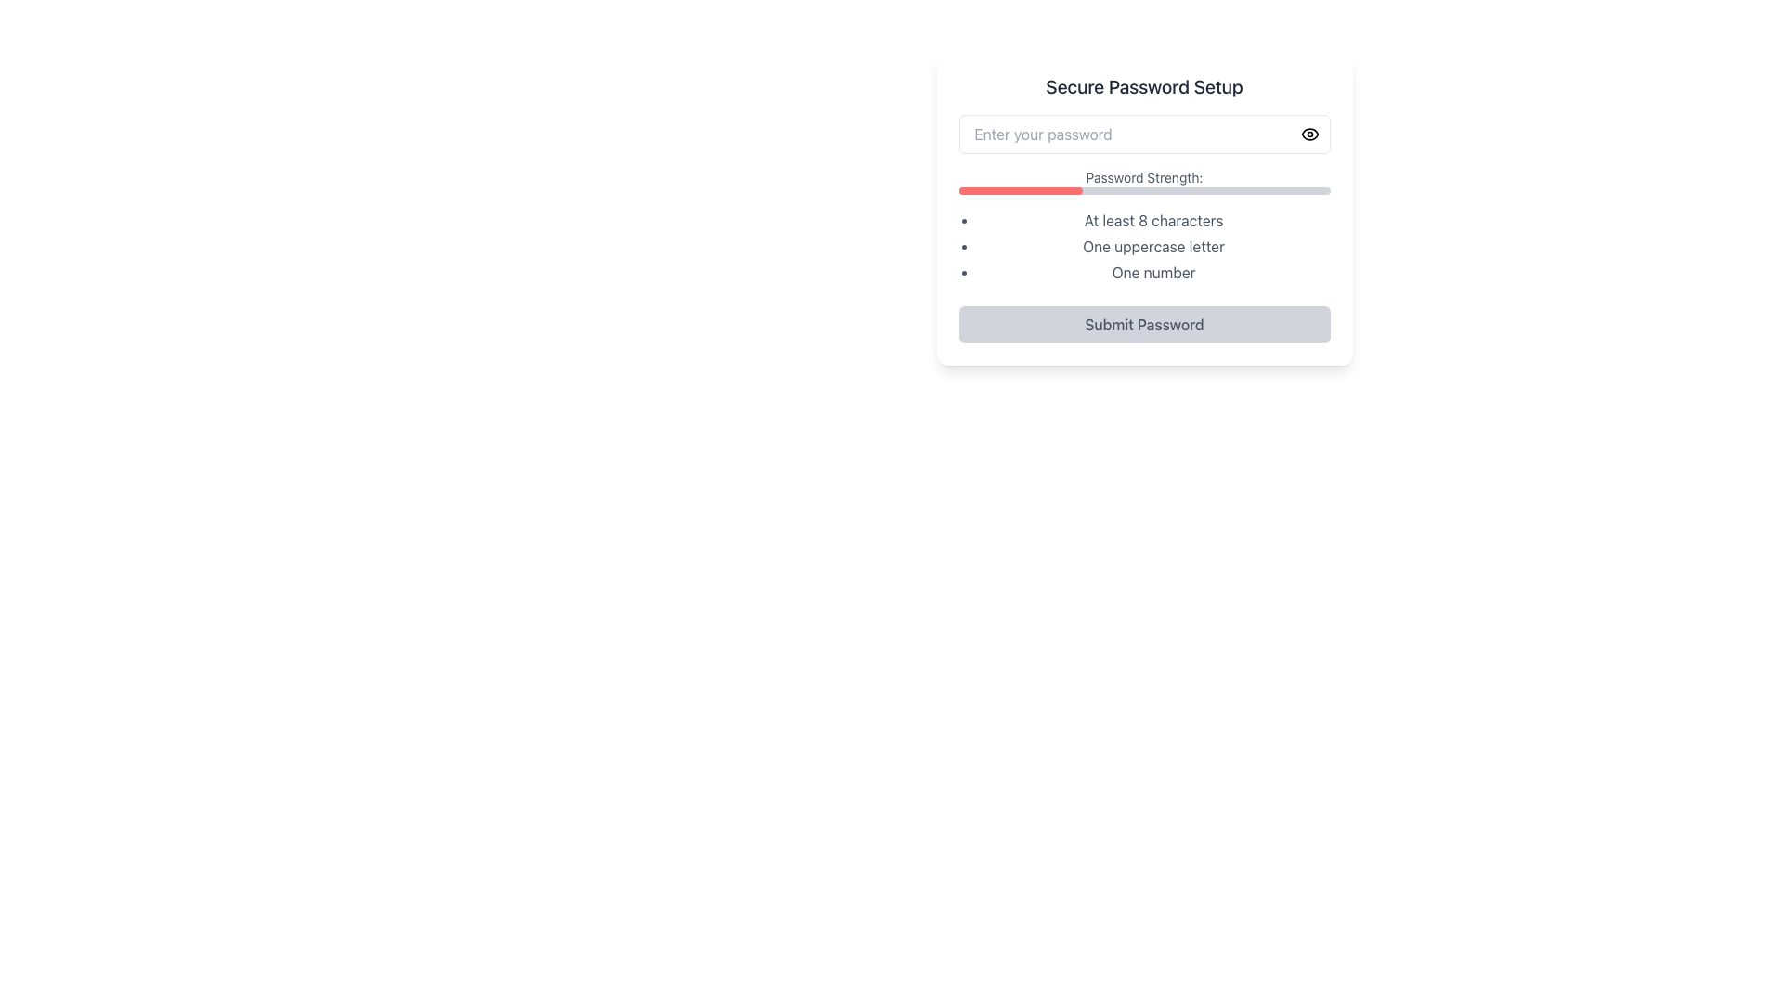  Describe the element at coordinates (1152, 220) in the screenshot. I see `information from the text item that indicates the password must contain at least 8 characters, positioned below the 'Password Strength:' indicator` at that location.